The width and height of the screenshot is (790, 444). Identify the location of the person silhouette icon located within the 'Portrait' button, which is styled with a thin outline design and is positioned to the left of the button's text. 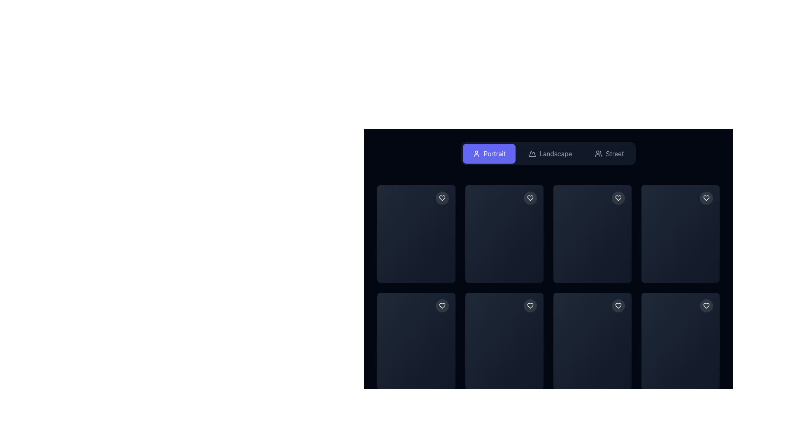
(476, 154).